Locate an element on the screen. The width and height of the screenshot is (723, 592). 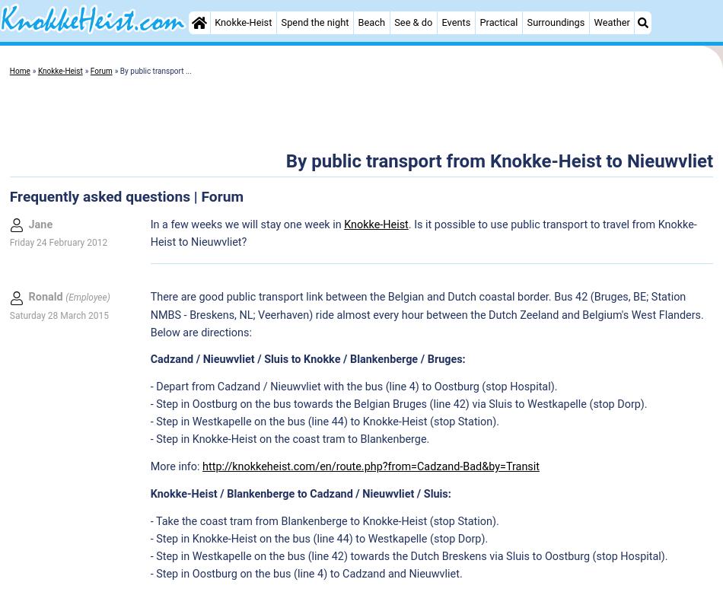
'Jane' is located at coordinates (40, 224).